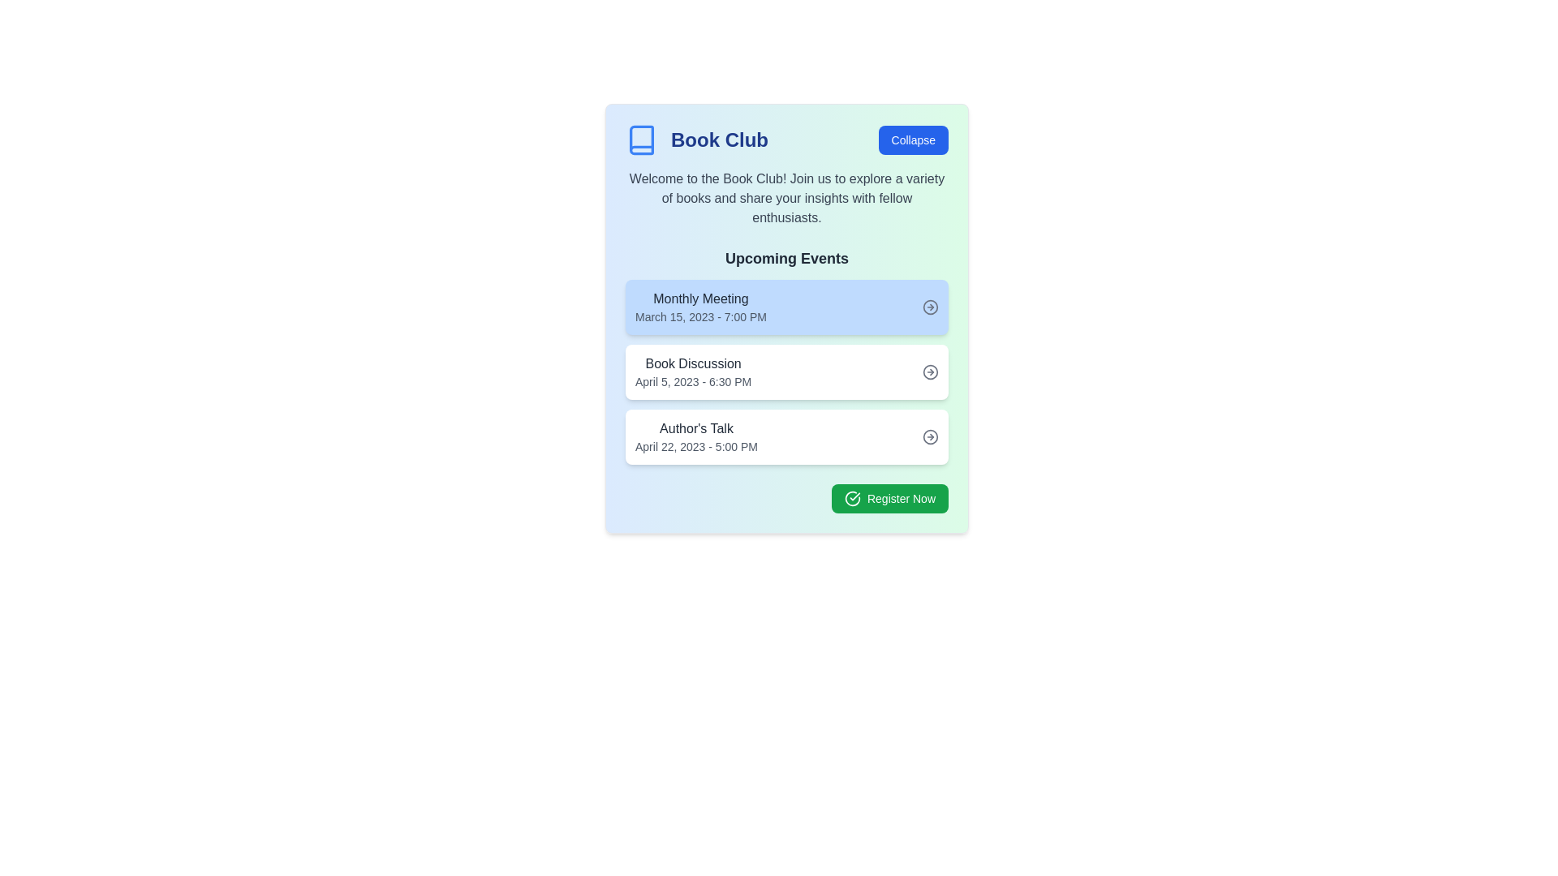 The width and height of the screenshot is (1558, 876). What do you see at coordinates (931, 372) in the screenshot?
I see `the SVG circle icon indicating direction for the 'Book Discussion' event in the 'Upcoming Events' panel` at bounding box center [931, 372].